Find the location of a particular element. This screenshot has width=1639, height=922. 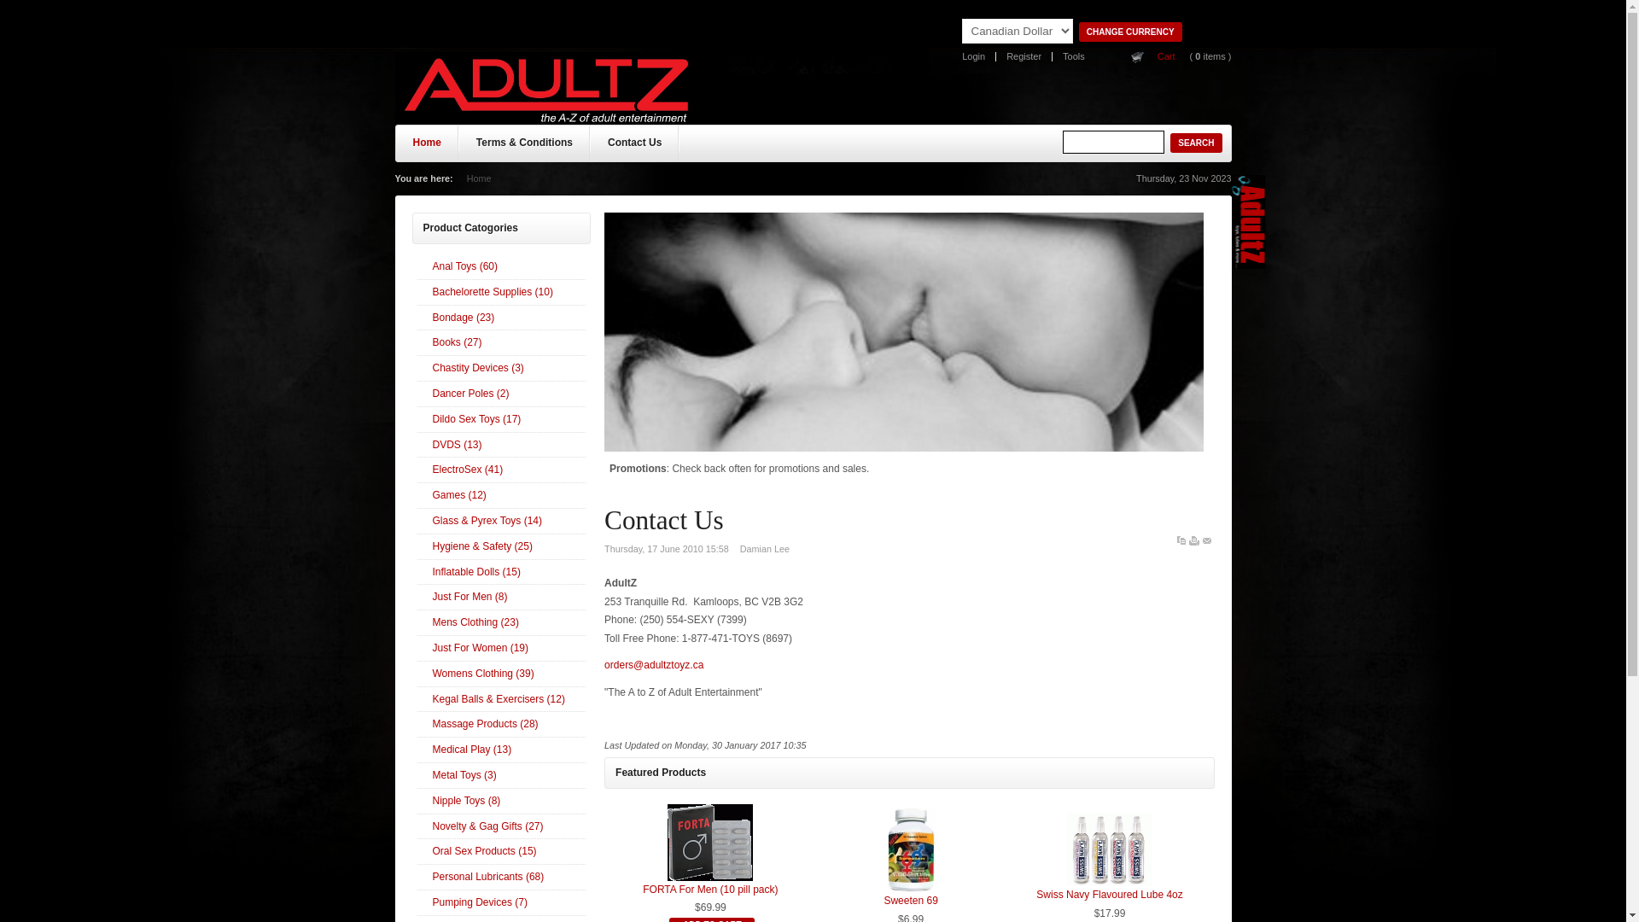

'Swiss Navy Flavoured Lube 4oz' is located at coordinates (1109, 894).